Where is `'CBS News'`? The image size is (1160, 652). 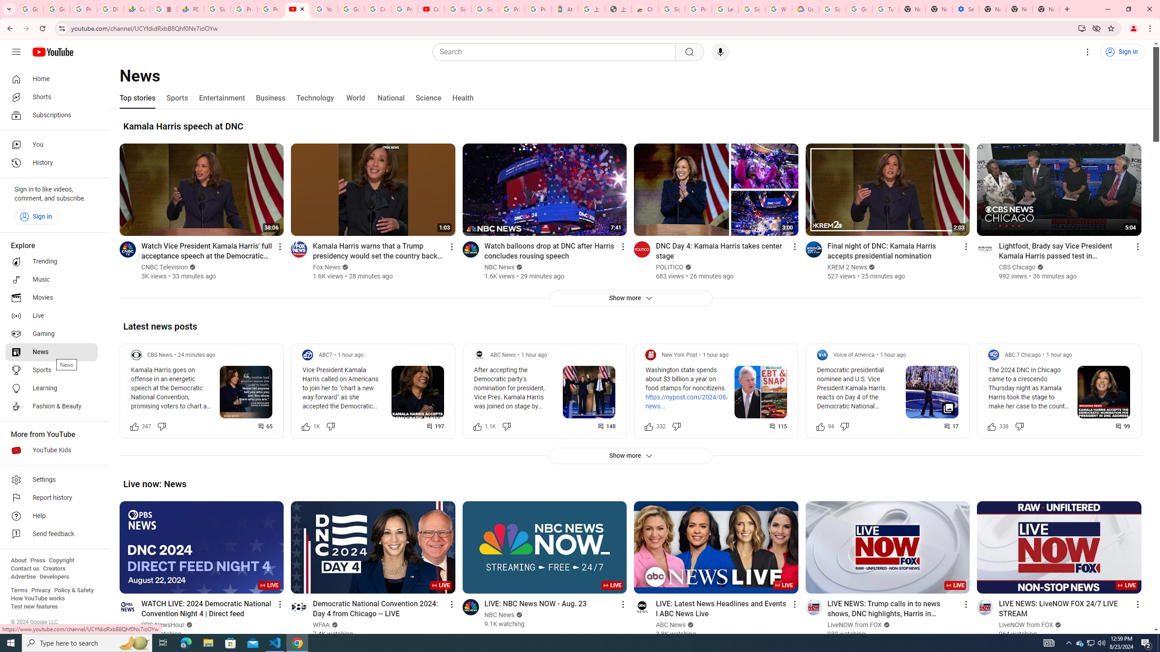 'CBS News' is located at coordinates (159, 355).